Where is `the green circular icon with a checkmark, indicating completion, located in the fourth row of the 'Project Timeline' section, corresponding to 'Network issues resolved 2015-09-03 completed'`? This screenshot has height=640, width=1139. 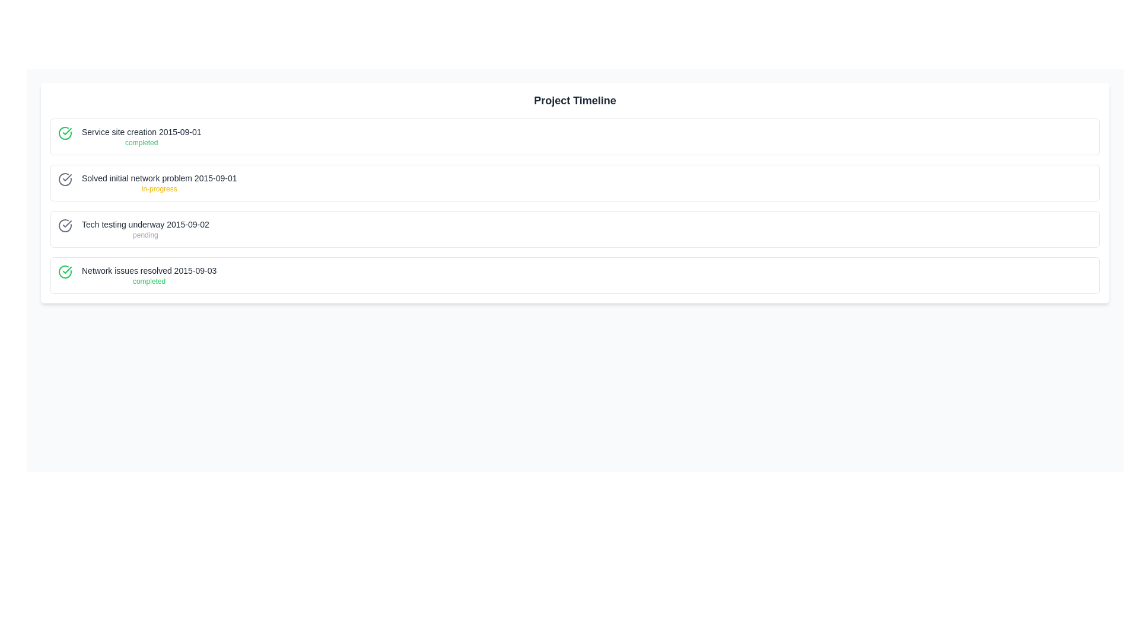 the green circular icon with a checkmark, indicating completion, located in the fourth row of the 'Project Timeline' section, corresponding to 'Network issues resolved 2015-09-03 completed' is located at coordinates (65, 272).